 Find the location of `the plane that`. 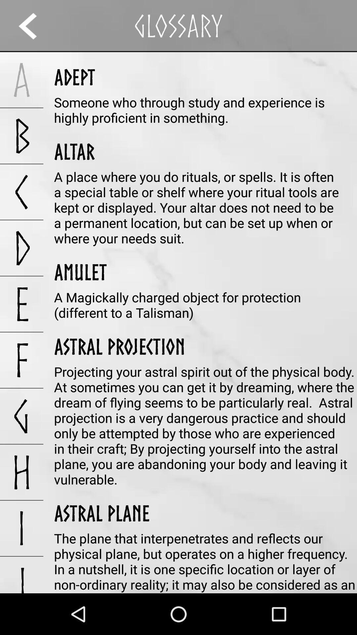

the plane that is located at coordinates (205, 561).